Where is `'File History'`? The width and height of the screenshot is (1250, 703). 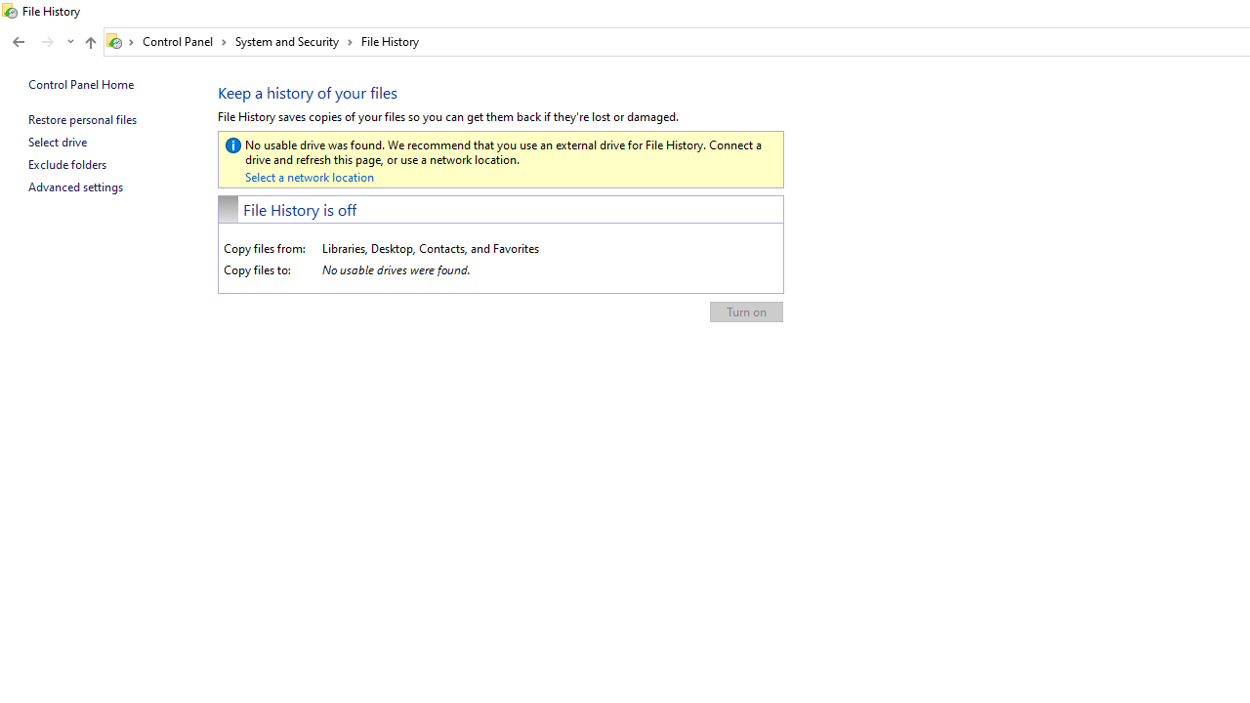
'File History' is located at coordinates (390, 41).